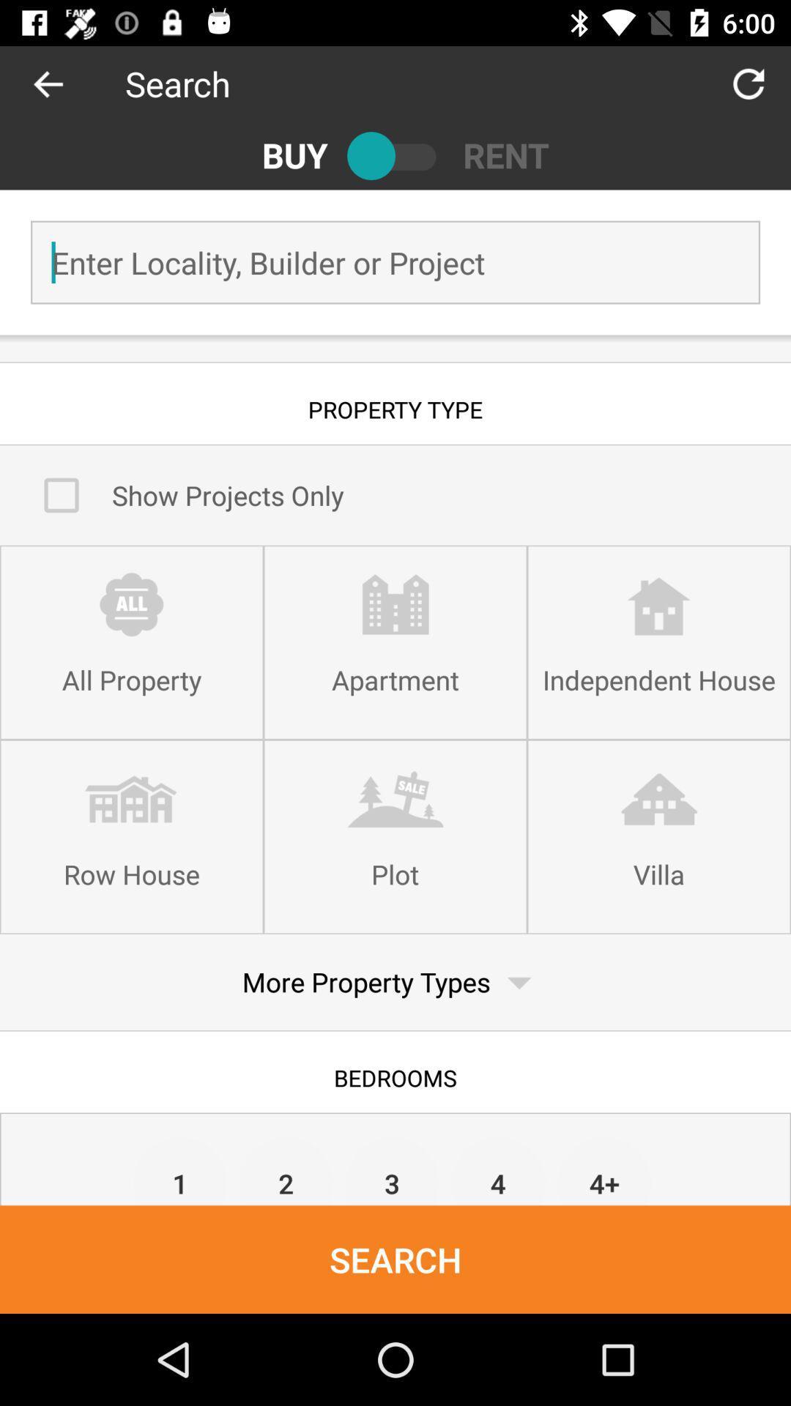 This screenshot has width=791, height=1406. I want to click on to reload the page, so click(749, 83).